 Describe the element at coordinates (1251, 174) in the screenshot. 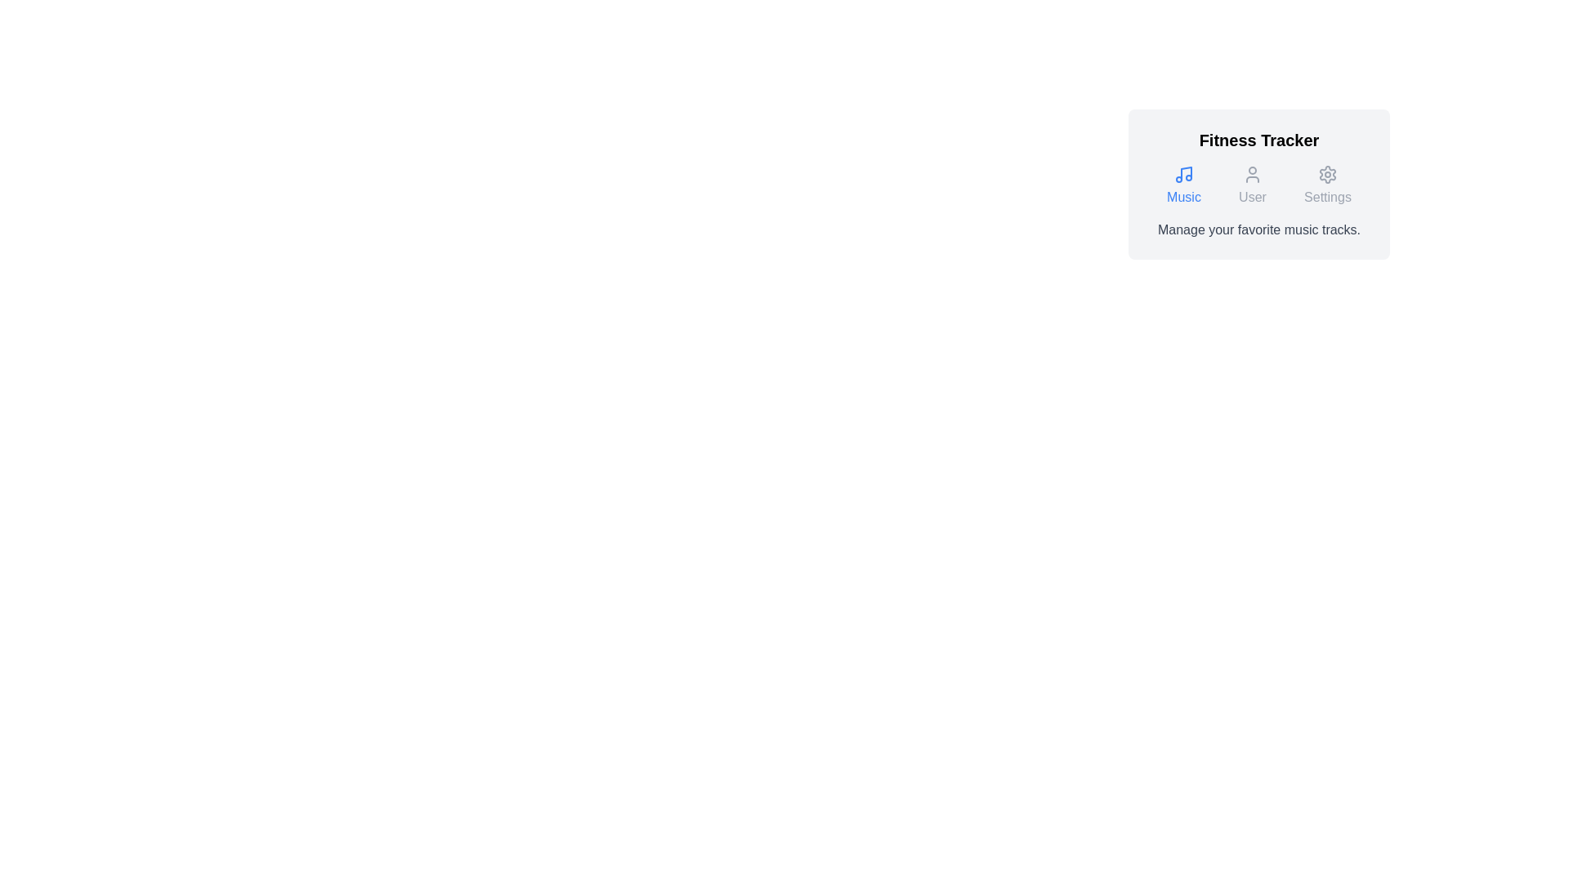

I see `the user icon, which is a minimalistic representation of a person in a circular gray border, positioned above the 'User' text in the 'Fitness Tracker' panel` at that location.